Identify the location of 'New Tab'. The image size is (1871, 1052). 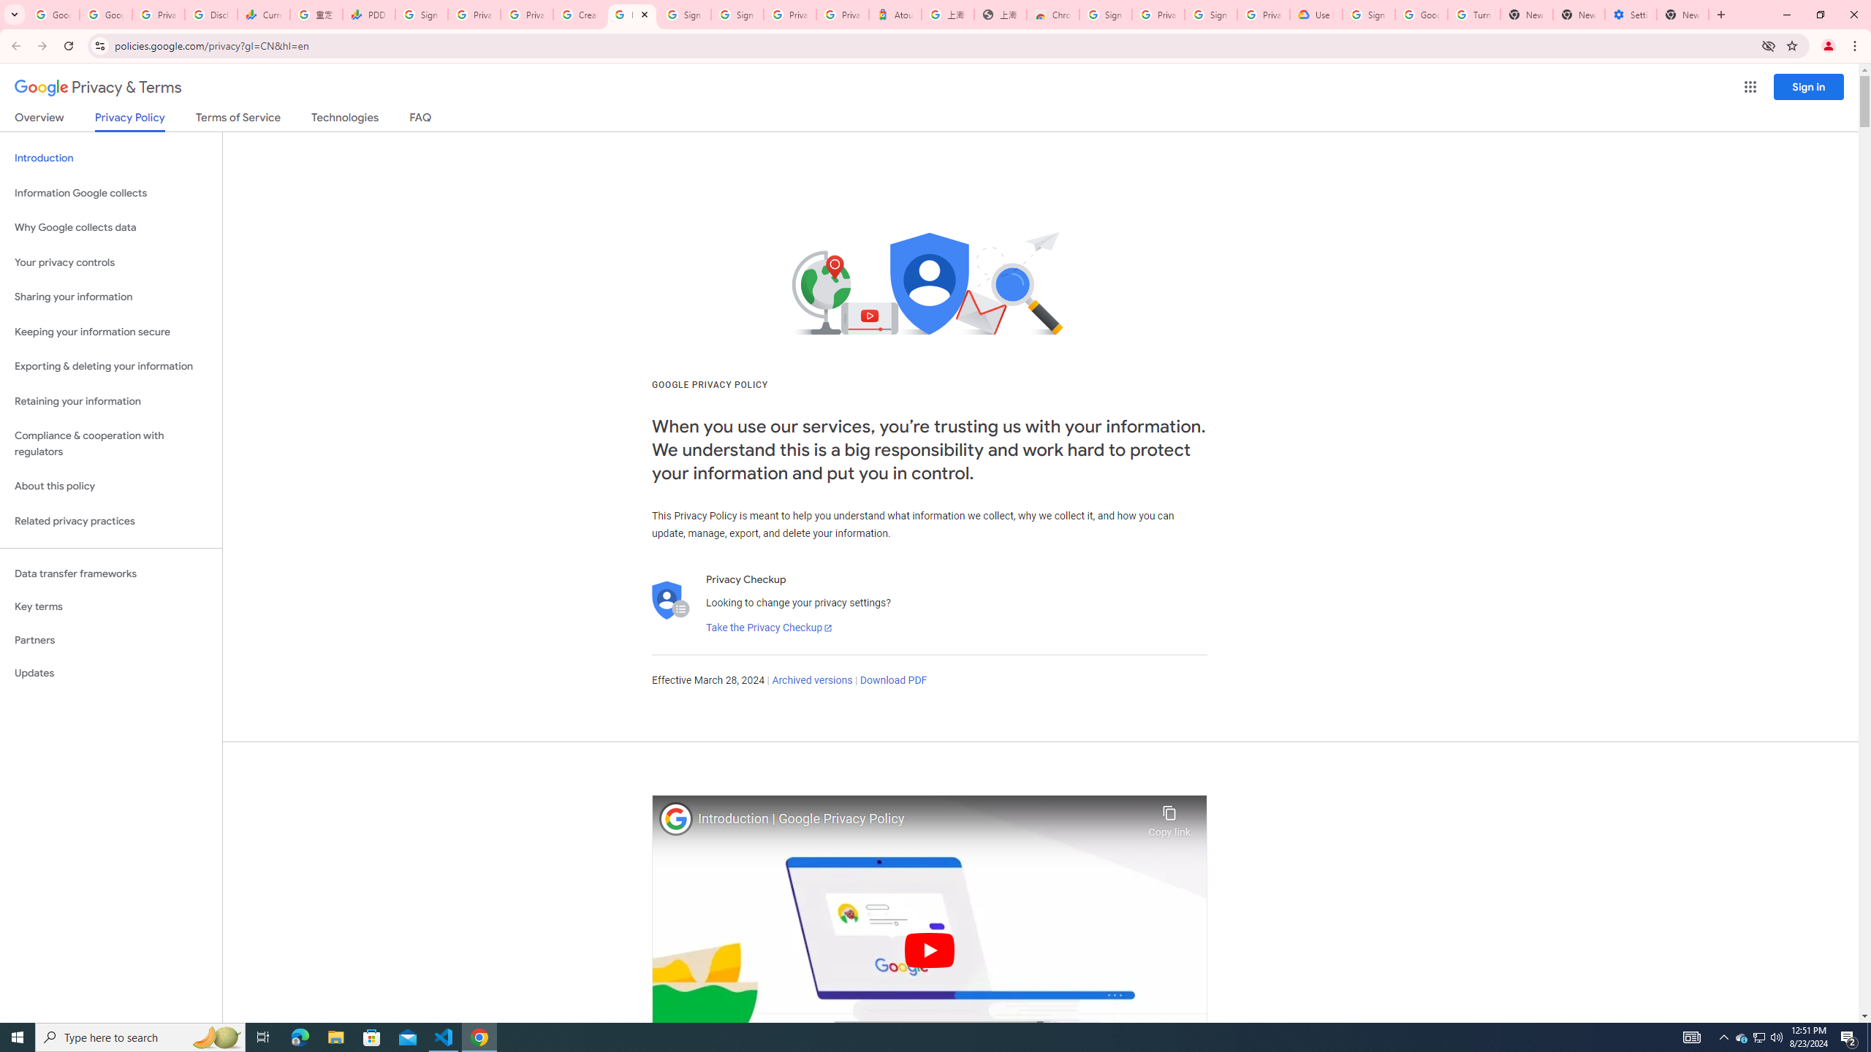
(1682, 14).